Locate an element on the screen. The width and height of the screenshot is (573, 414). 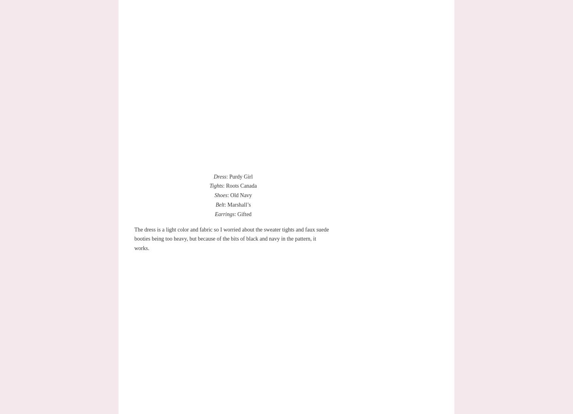
'Dress' is located at coordinates (219, 176).